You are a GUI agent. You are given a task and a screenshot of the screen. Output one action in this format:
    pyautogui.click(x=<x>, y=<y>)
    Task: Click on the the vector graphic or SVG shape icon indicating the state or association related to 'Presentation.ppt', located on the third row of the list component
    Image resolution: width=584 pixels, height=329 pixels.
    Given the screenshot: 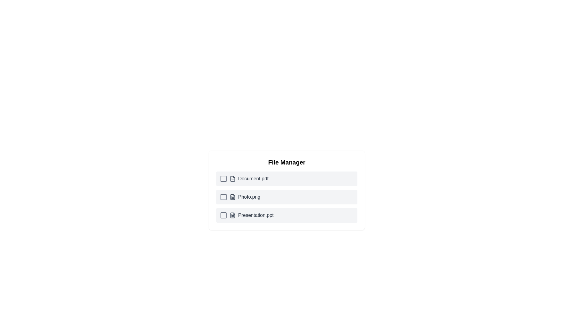 What is the action you would take?
    pyautogui.click(x=223, y=215)
    